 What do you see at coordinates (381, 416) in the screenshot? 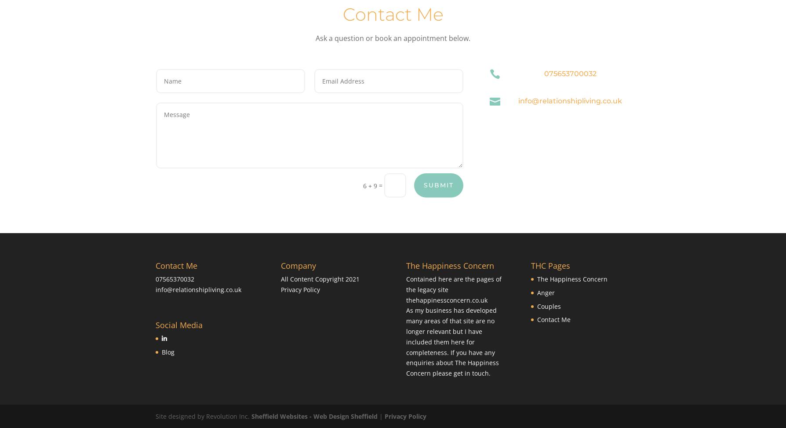
I see `'|'` at bounding box center [381, 416].